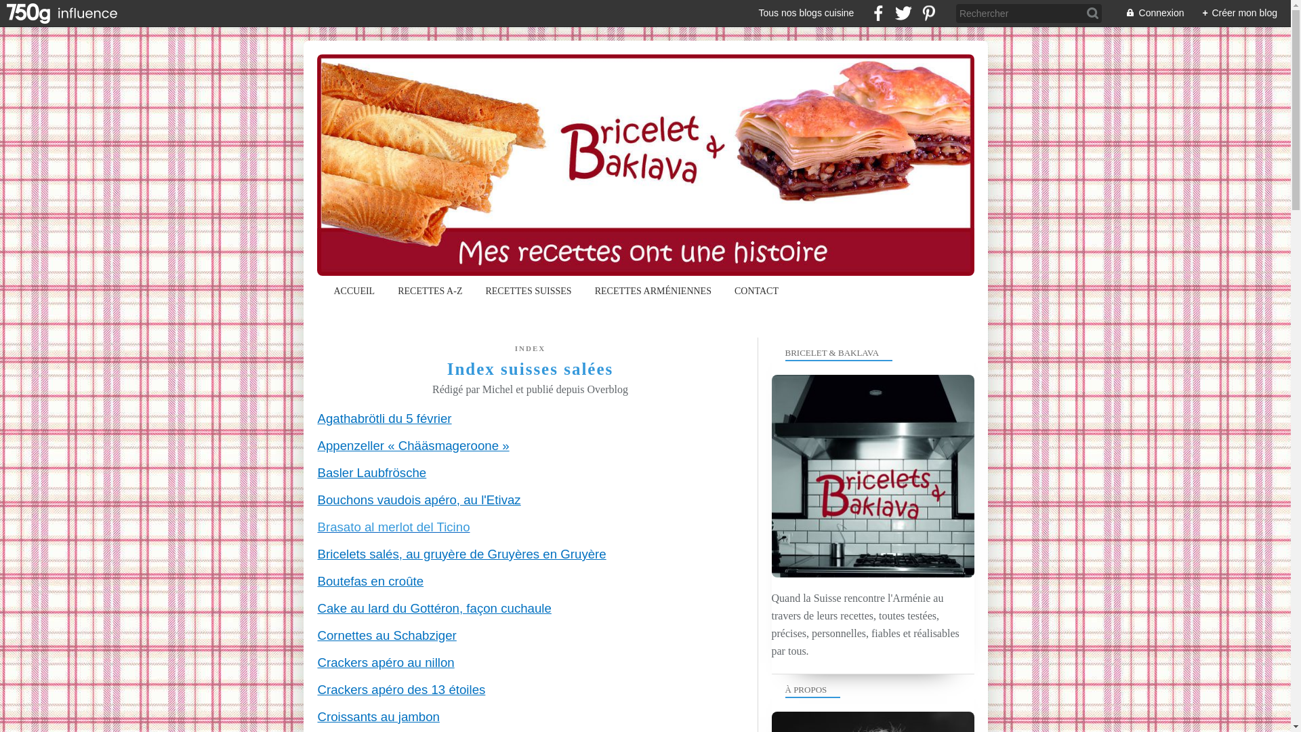  Describe the element at coordinates (316, 526) in the screenshot. I see `'Brasato al merlot del Ticino'` at that location.